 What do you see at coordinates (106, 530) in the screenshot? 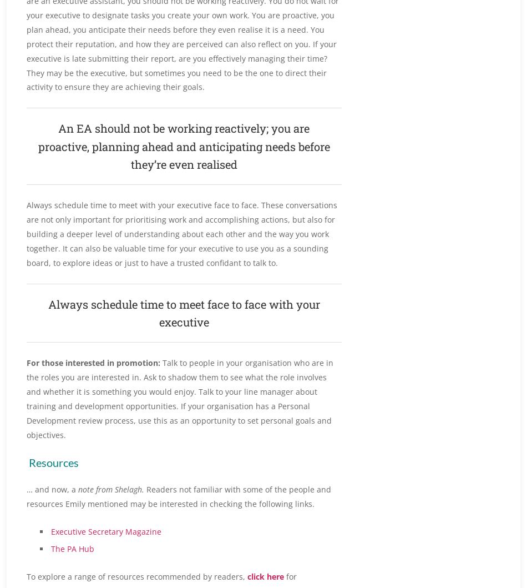
I see `'Executive Secretary Magazine'` at bounding box center [106, 530].